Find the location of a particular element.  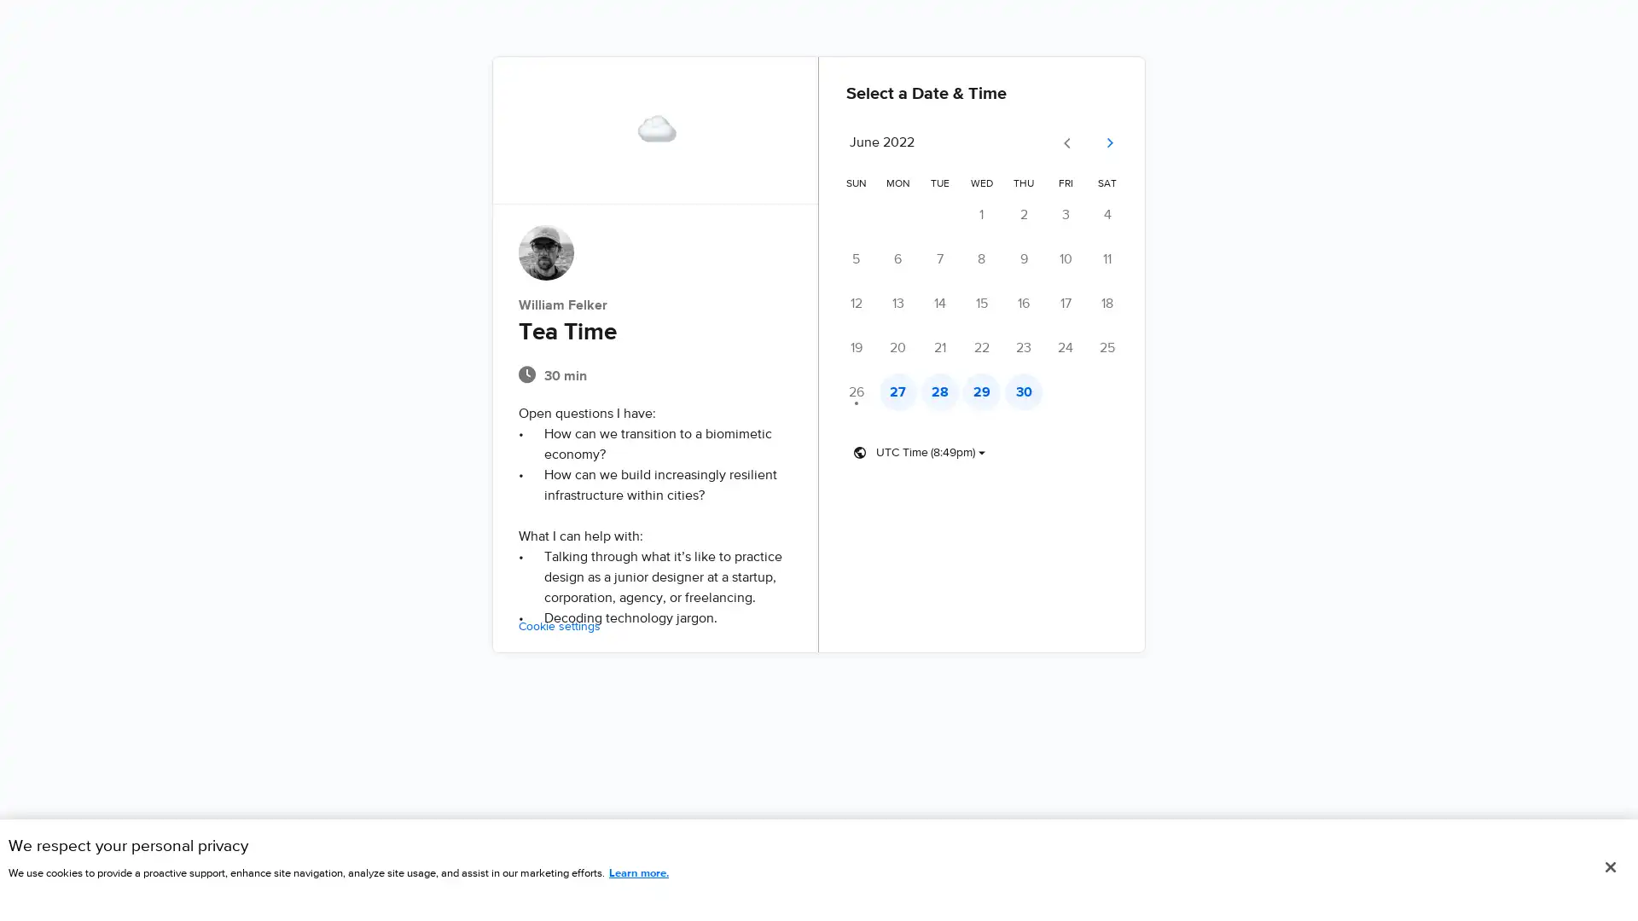

Friday, June 10 - No times available is located at coordinates (1076, 259).